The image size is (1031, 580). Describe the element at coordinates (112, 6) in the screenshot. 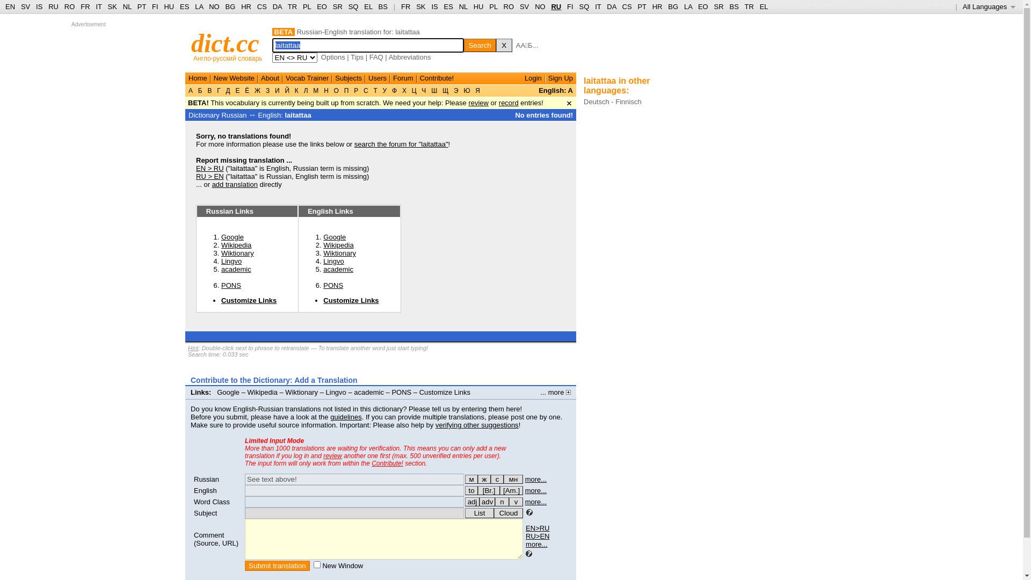

I see `'SK'` at that location.